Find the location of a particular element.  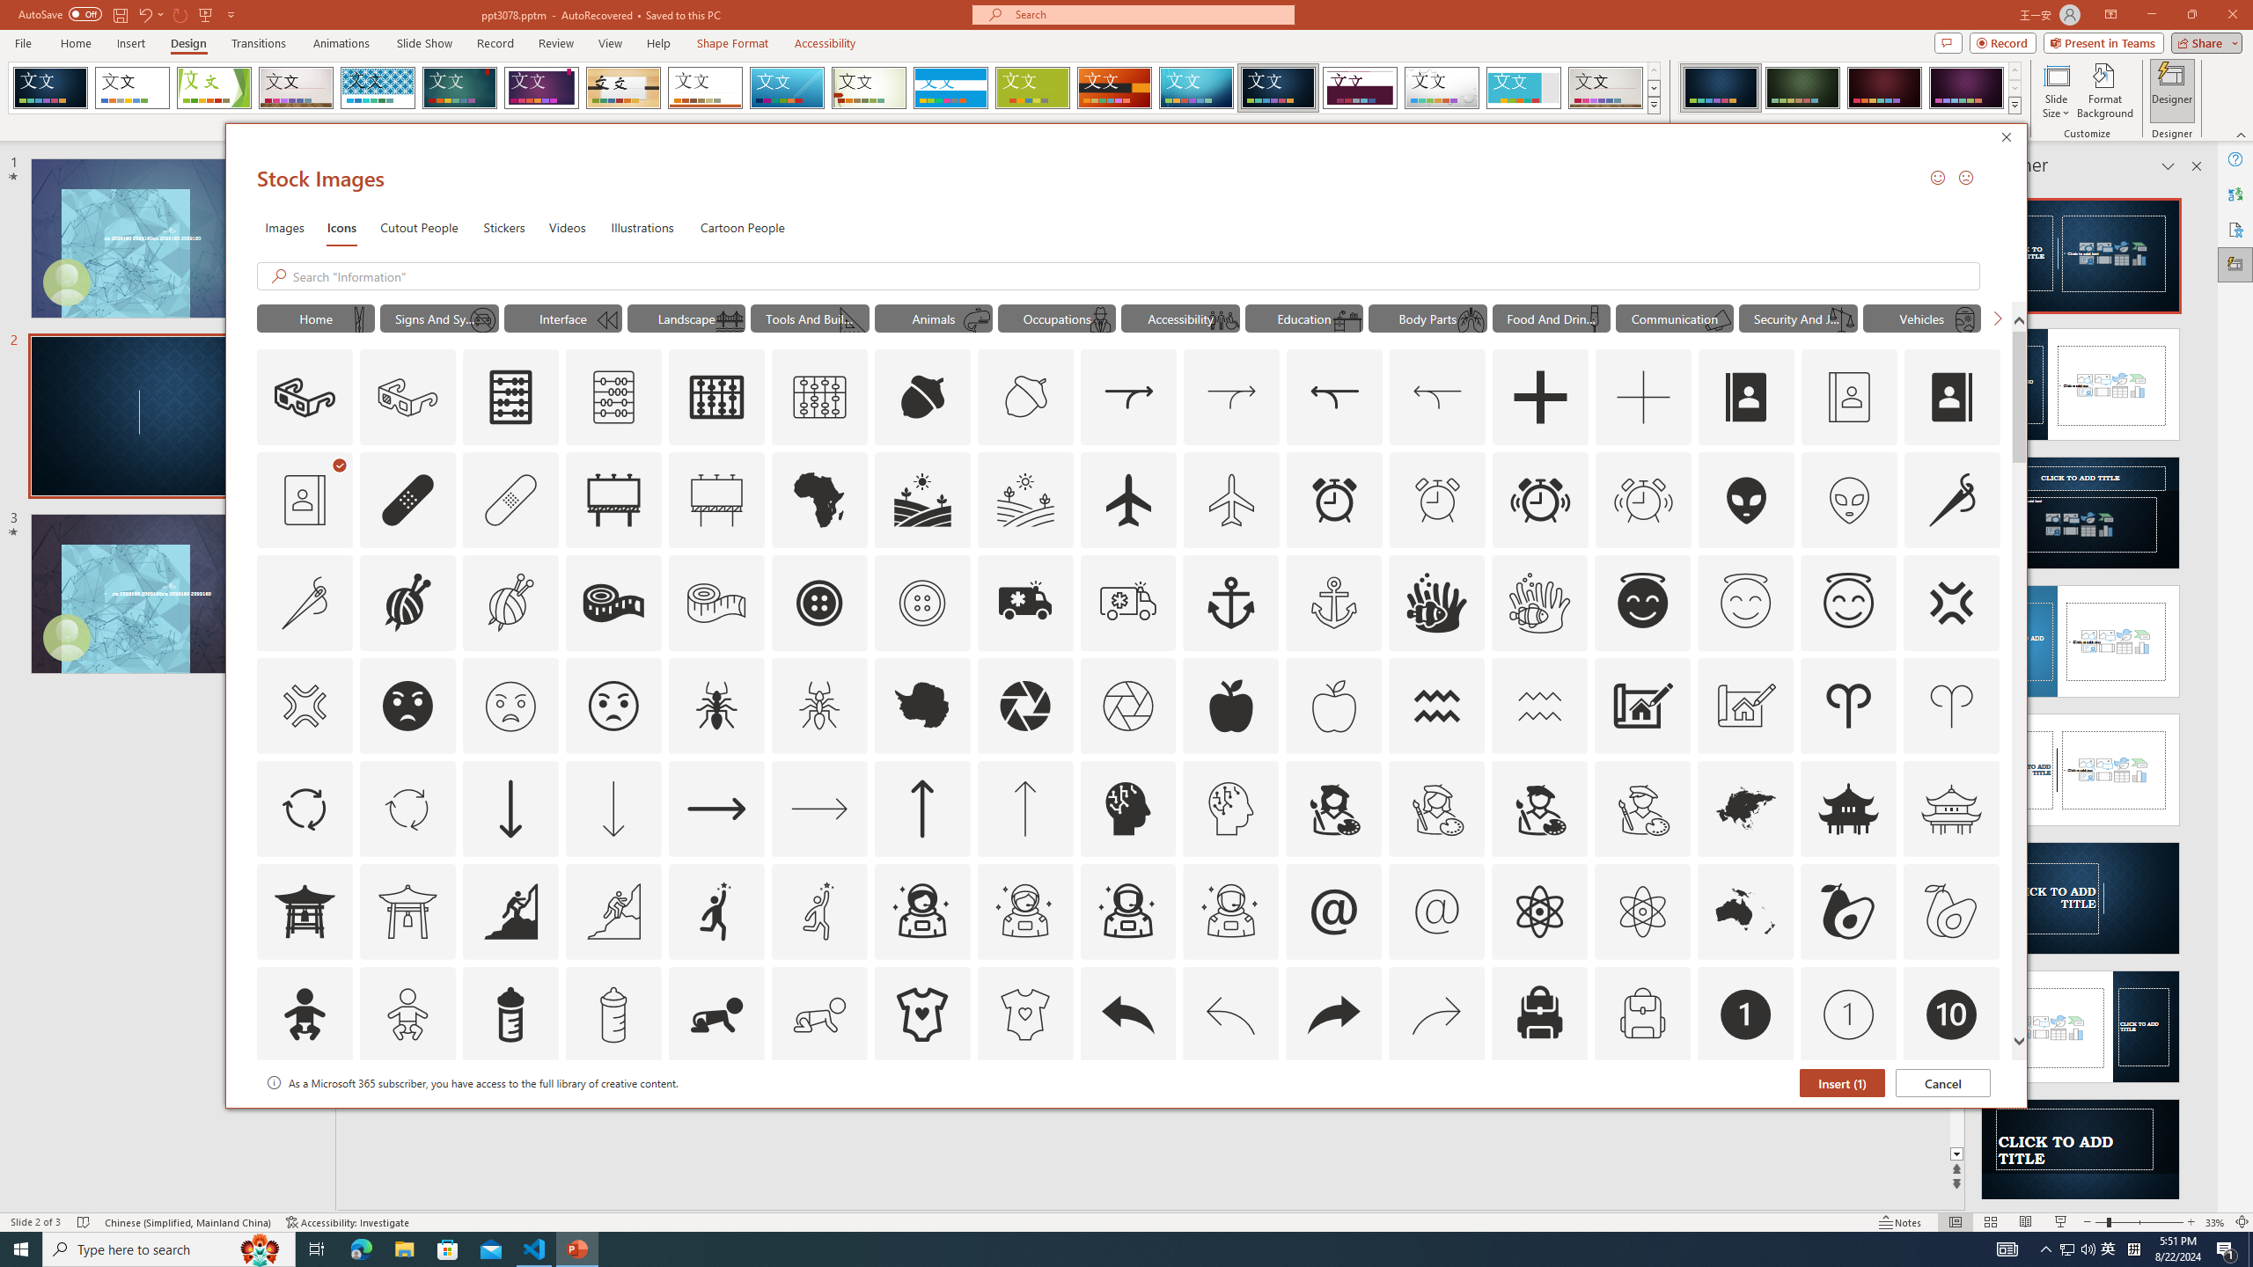

'AutomationID: Icons_Backpack_M' is located at coordinates (1642, 1014).